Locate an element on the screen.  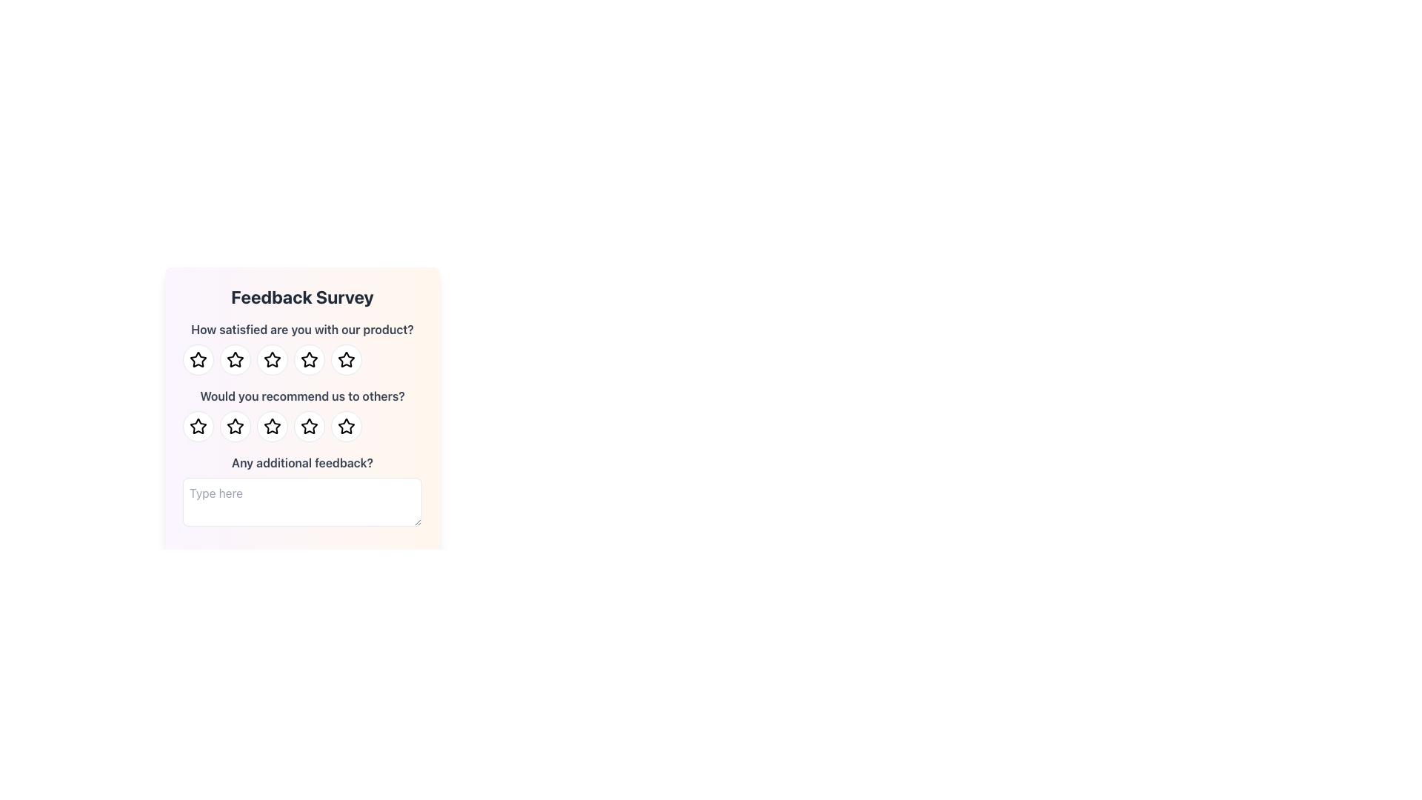
the second star button in the middle row of the rating options is located at coordinates (234, 426).